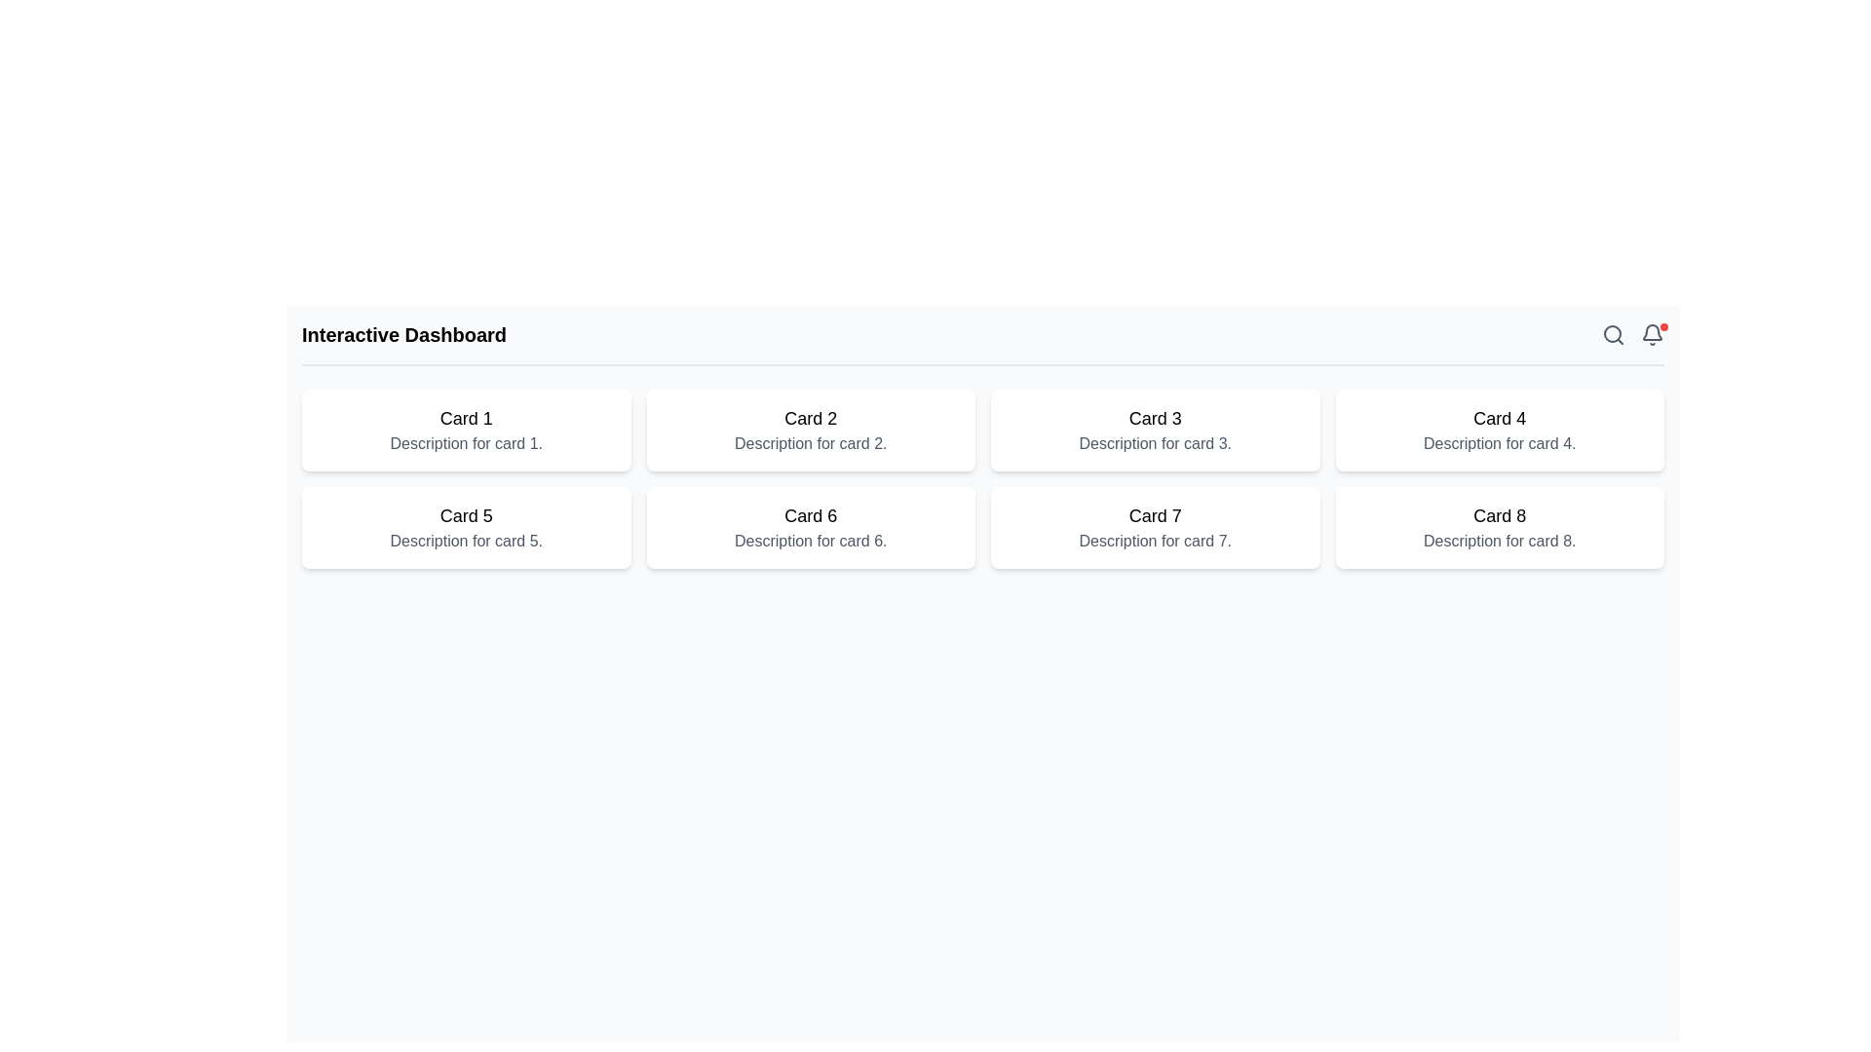 This screenshot has width=1871, height=1052. Describe the element at coordinates (465, 528) in the screenshot. I see `the fifth card in the grid layout to interact with the informational card displaying a title and descriptive text` at that location.